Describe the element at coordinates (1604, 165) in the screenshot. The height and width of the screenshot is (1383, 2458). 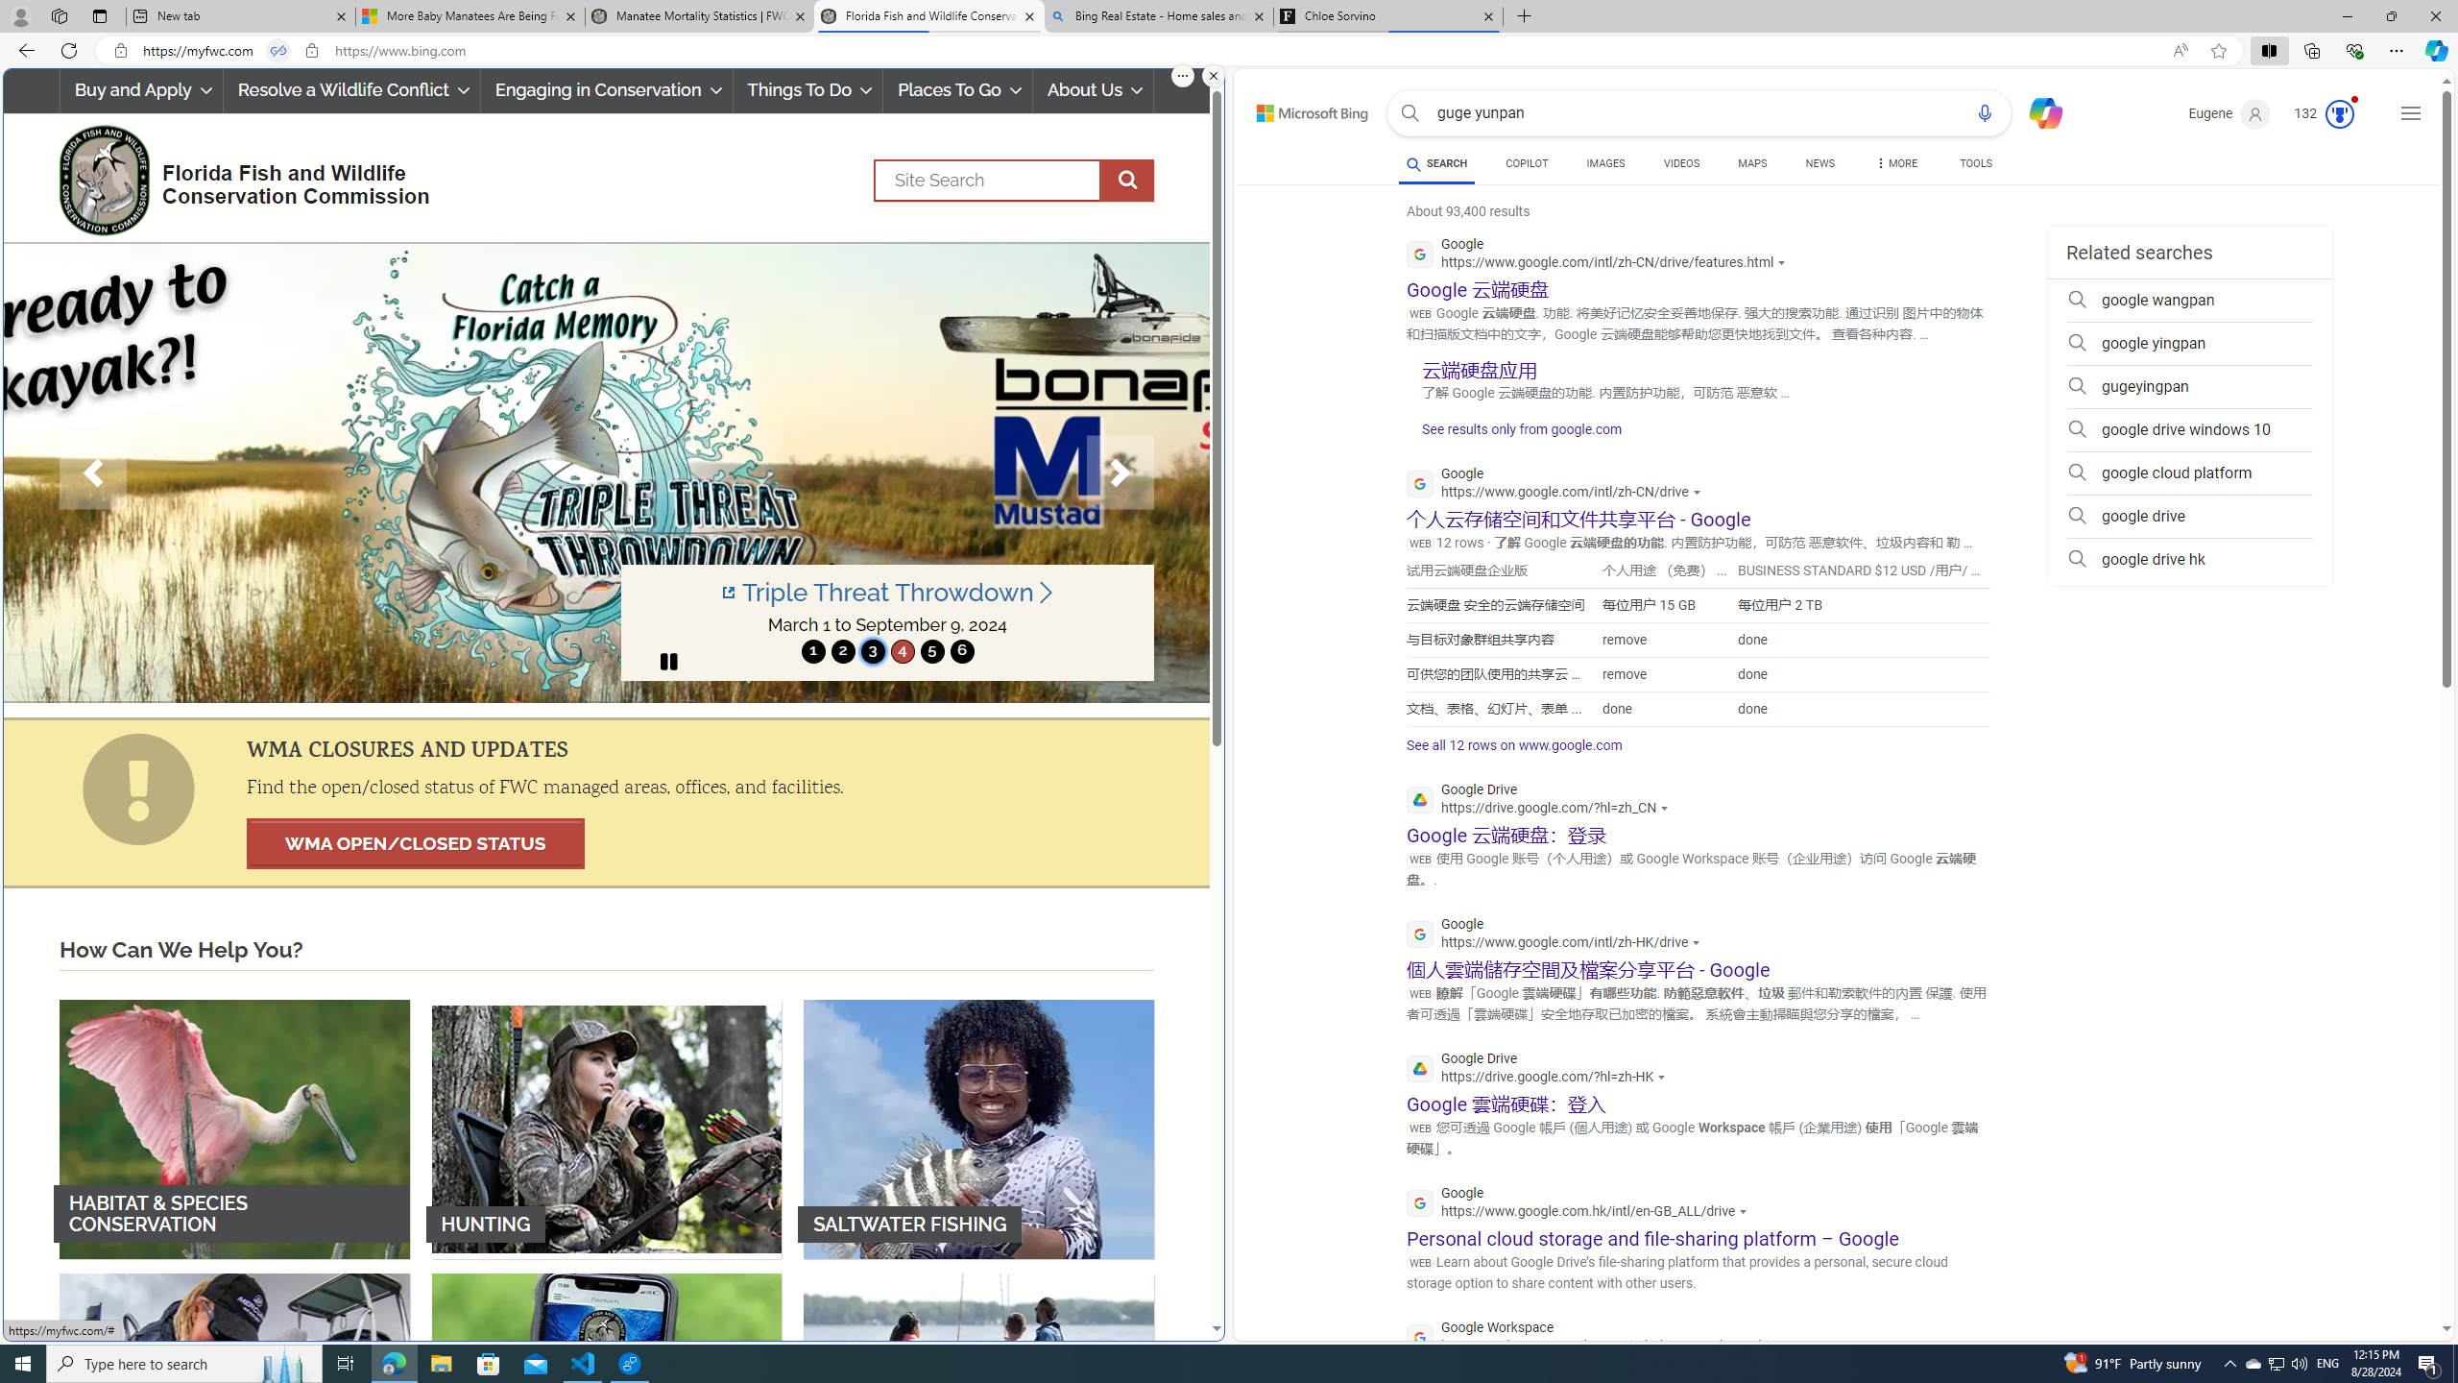
I see `'IMAGES'` at that location.